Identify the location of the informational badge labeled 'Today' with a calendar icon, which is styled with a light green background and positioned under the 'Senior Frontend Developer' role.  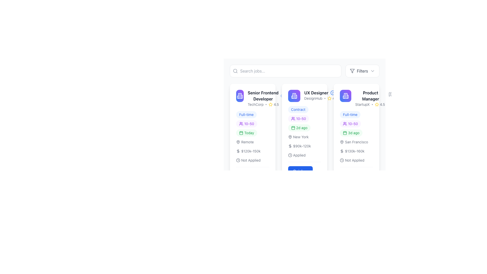
(247, 133).